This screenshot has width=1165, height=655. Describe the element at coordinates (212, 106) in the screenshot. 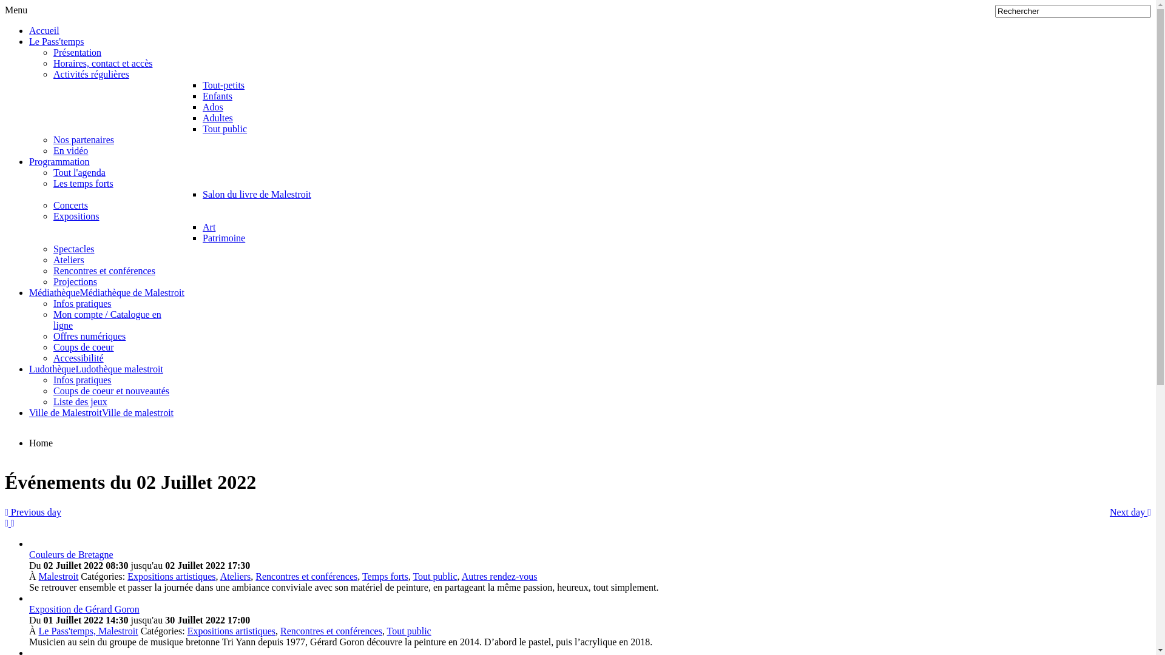

I see `'Ados'` at that location.